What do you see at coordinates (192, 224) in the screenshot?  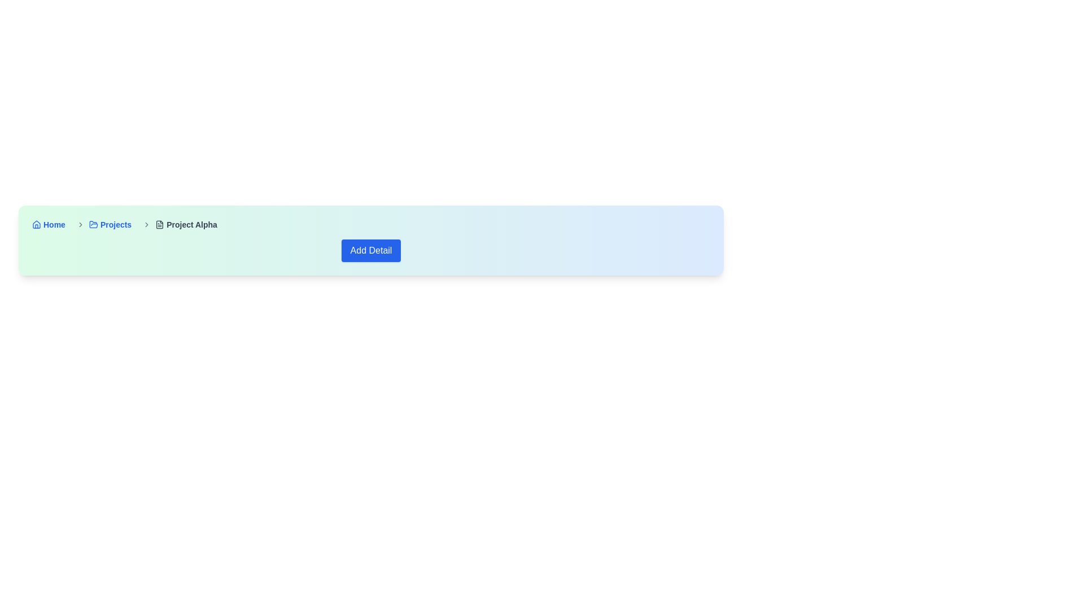 I see `text content of the label displaying the current project title in the breadcrumb navigation, located at the lower-center of the interface` at bounding box center [192, 224].